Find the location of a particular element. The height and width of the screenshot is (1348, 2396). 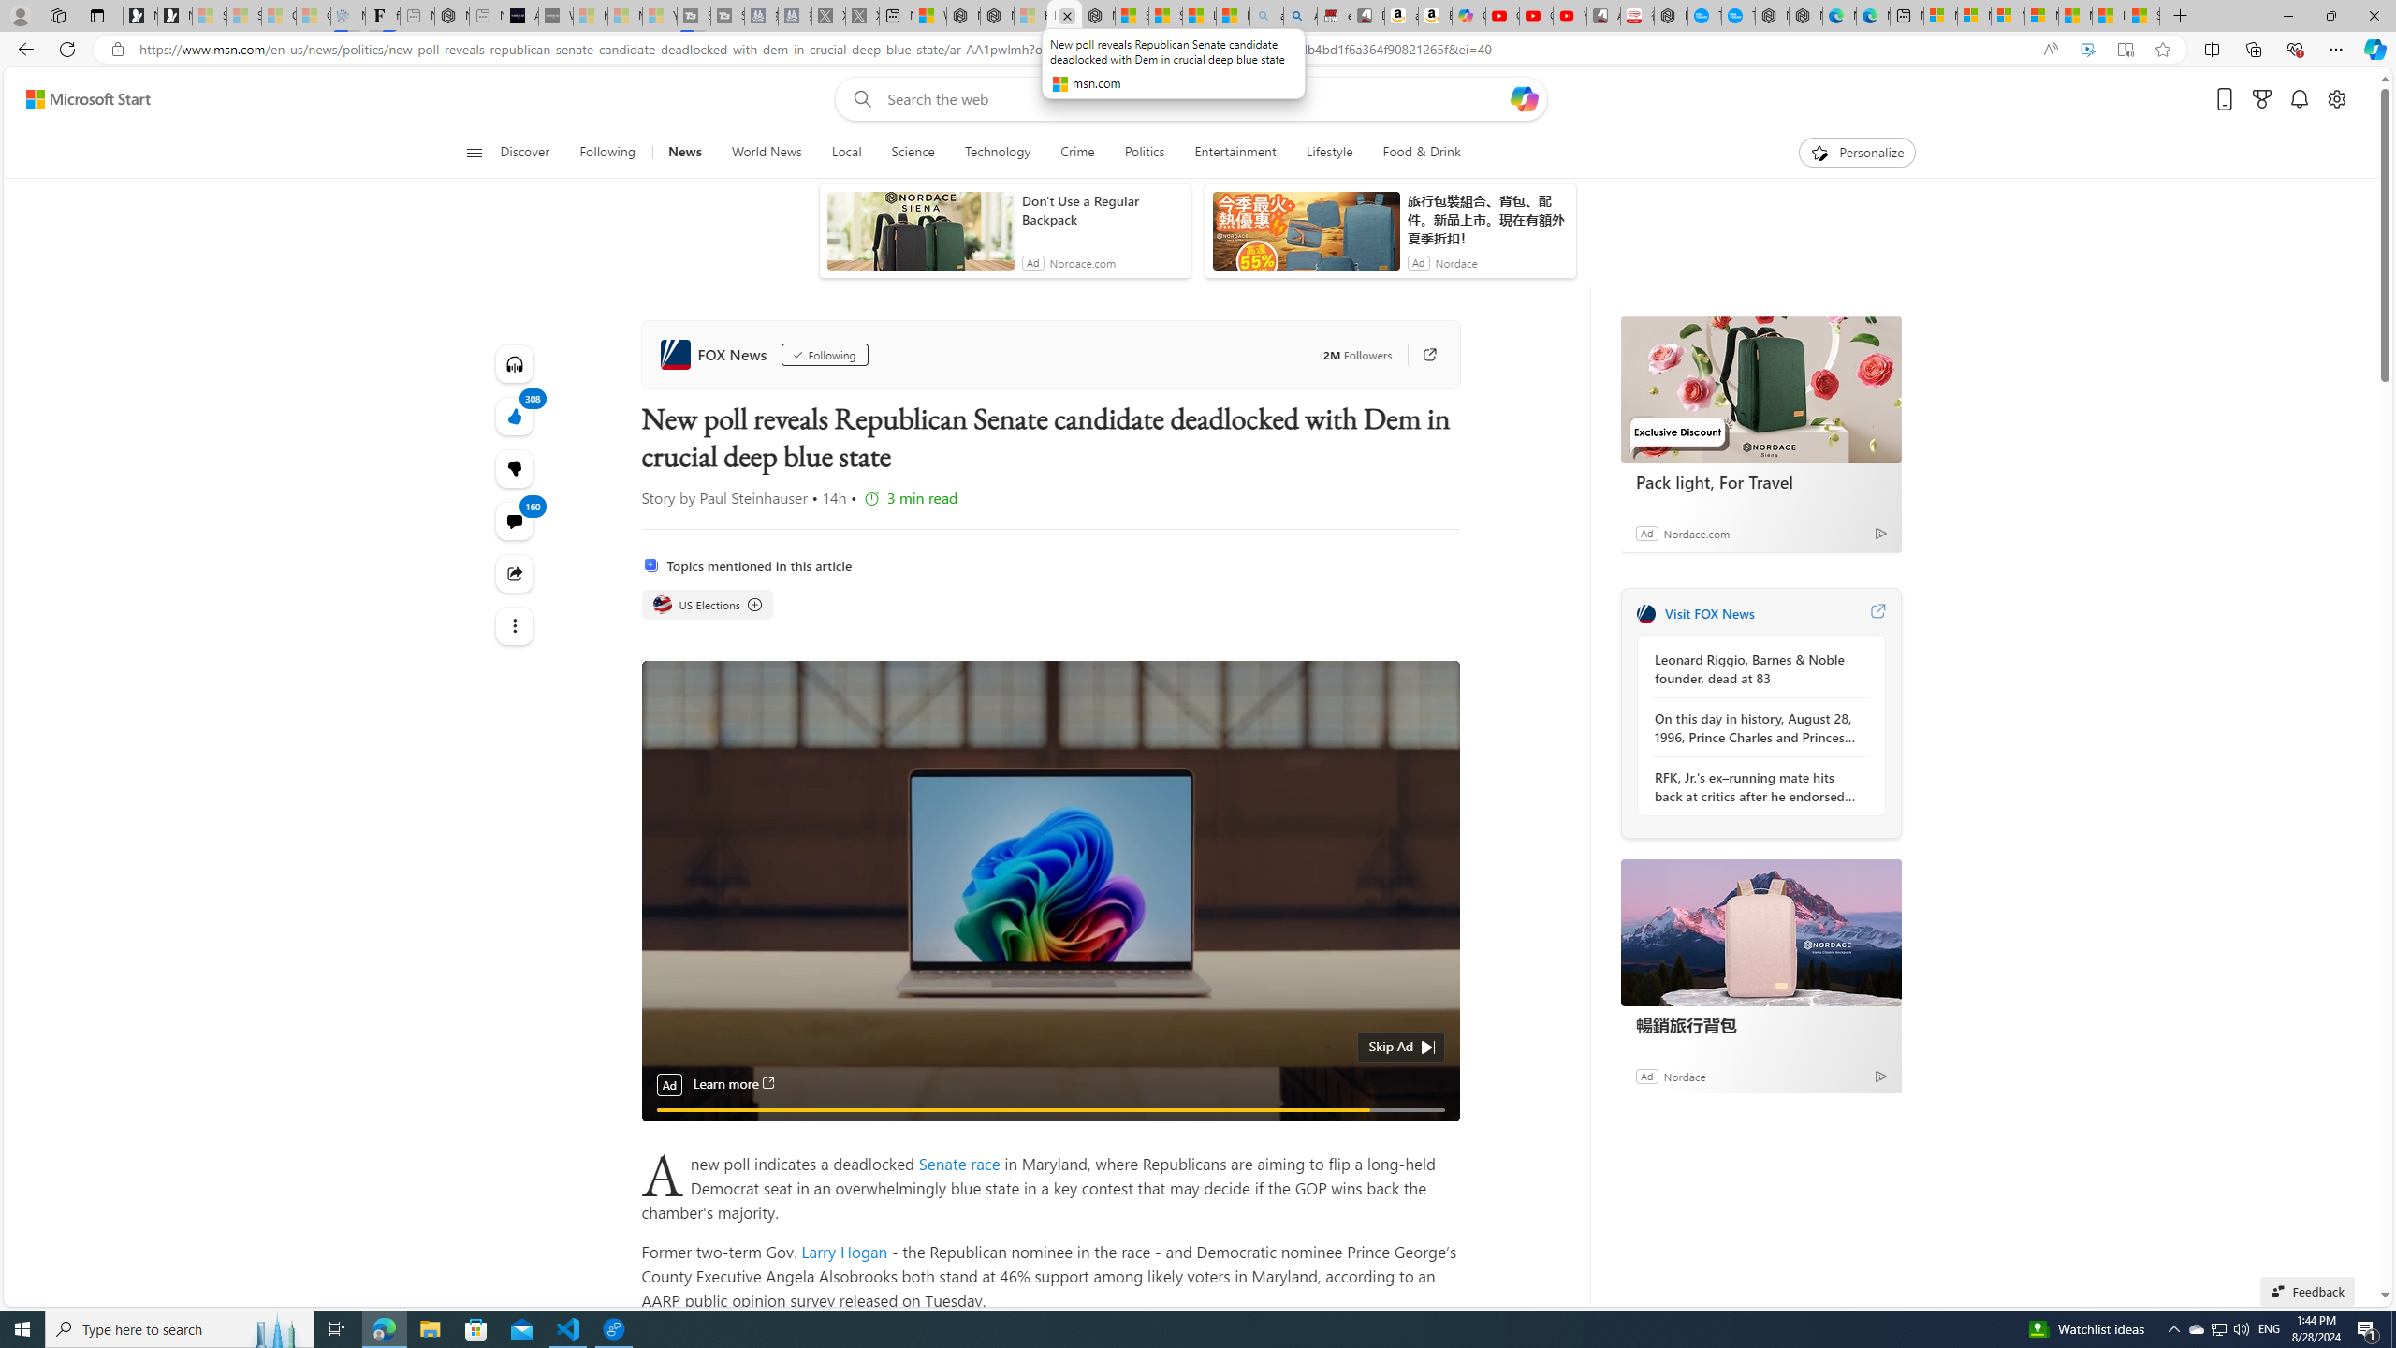

'amazon - Search - Sleeping' is located at coordinates (1265, 15).